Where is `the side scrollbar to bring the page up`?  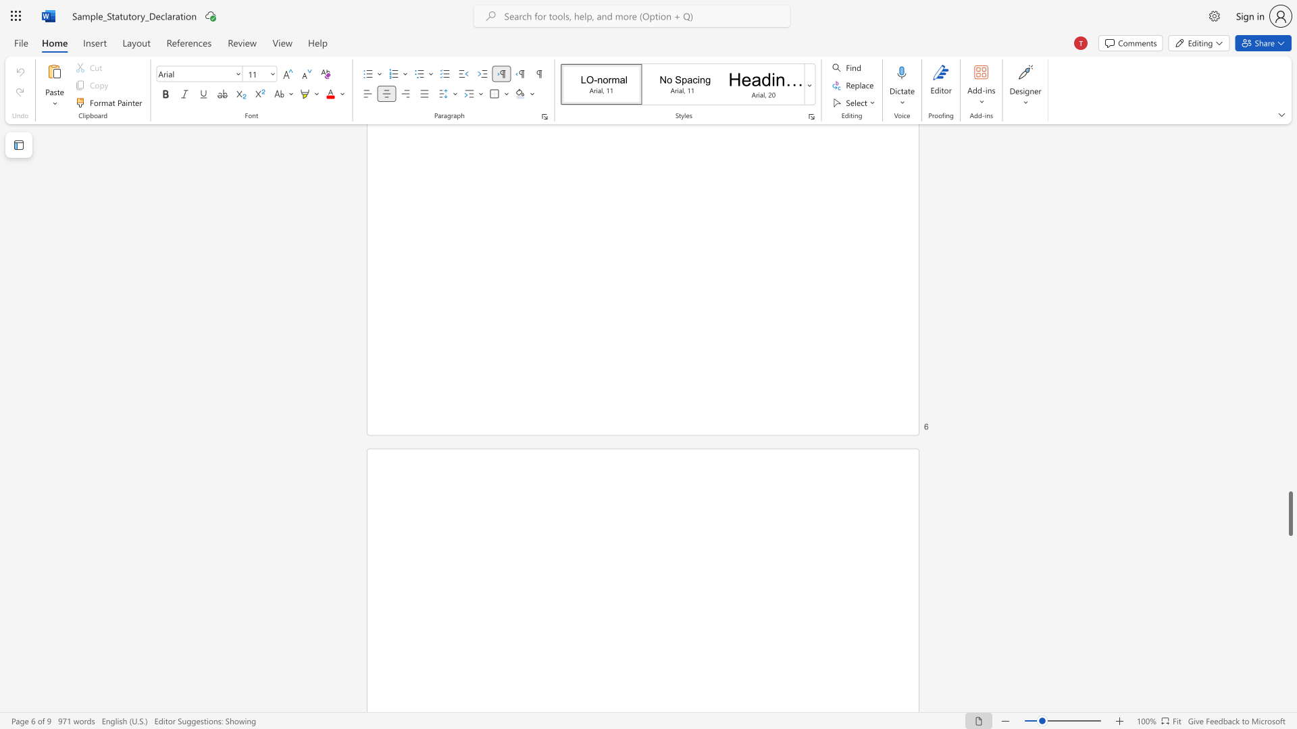
the side scrollbar to bring the page up is located at coordinates (1290, 228).